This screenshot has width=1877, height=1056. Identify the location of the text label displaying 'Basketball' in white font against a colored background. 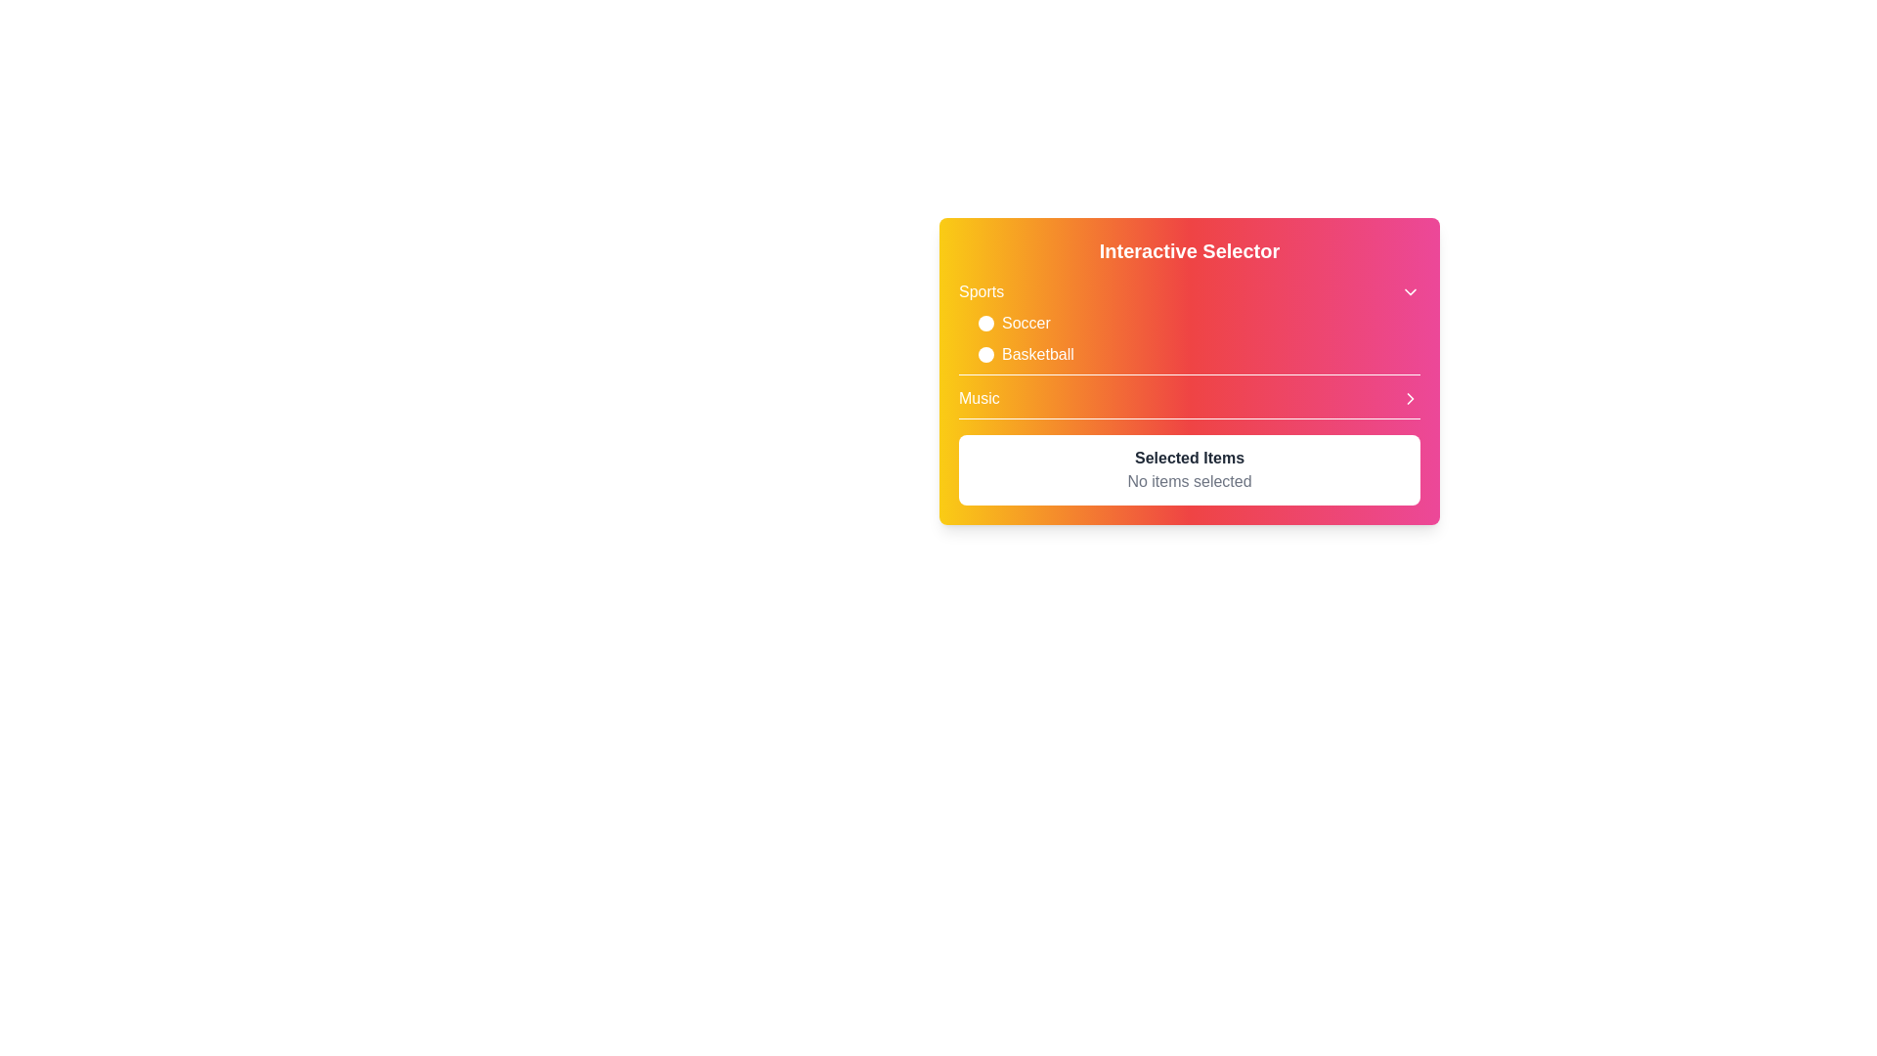
(1036, 354).